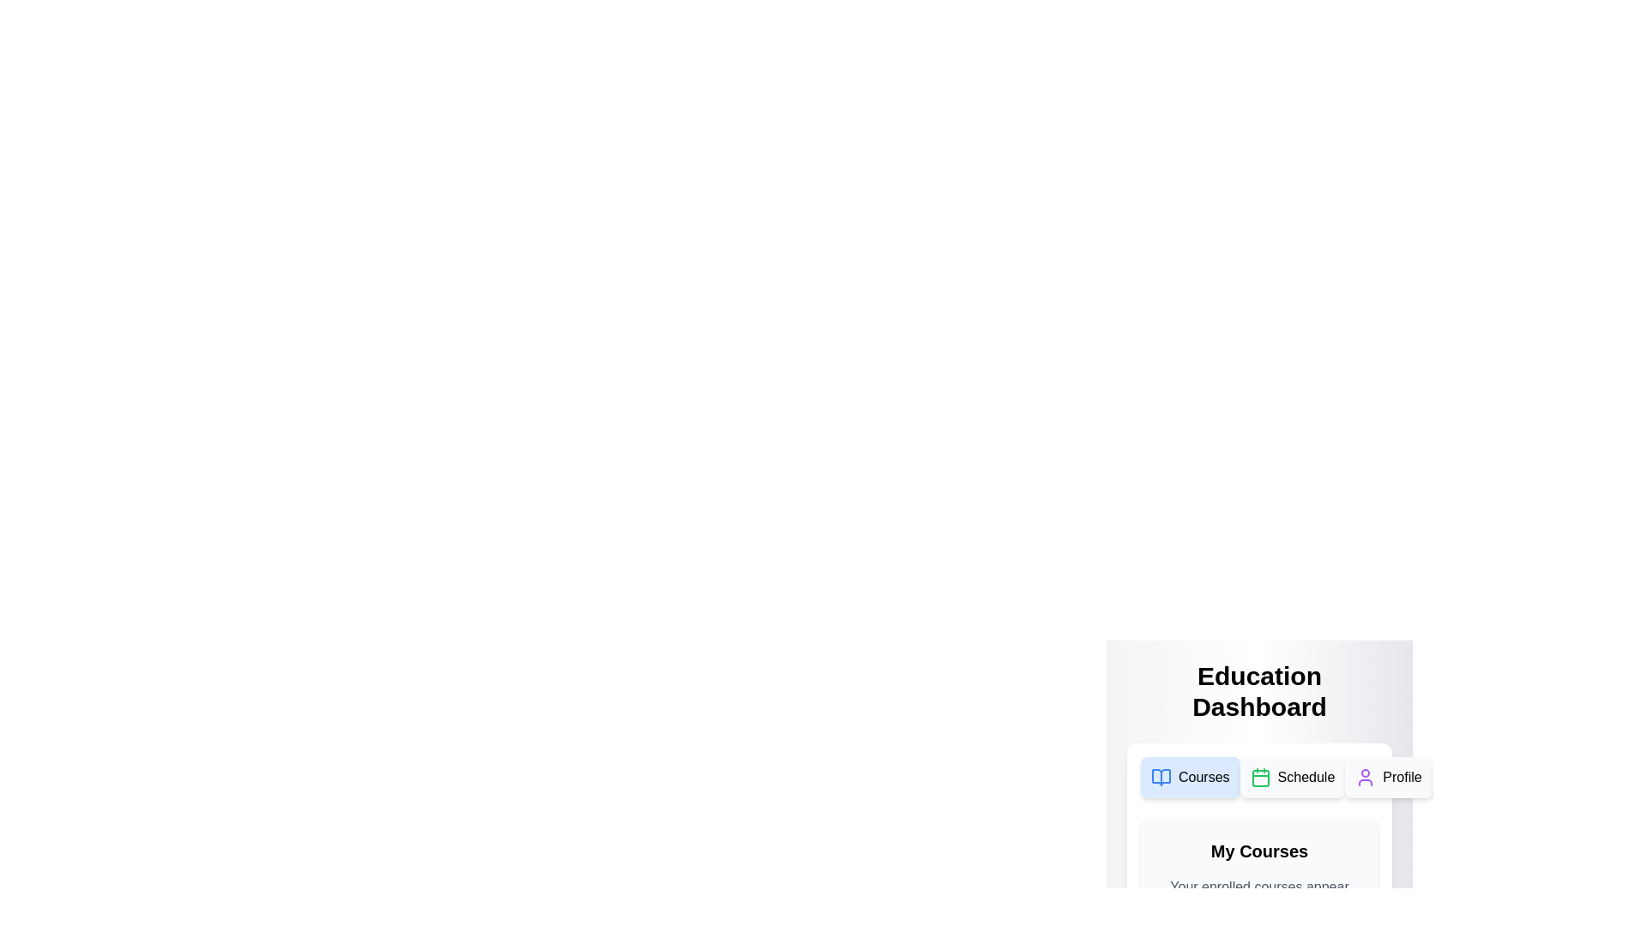  Describe the element at coordinates (1260, 777) in the screenshot. I see `the calendar icon within the 'Schedule' button` at that location.